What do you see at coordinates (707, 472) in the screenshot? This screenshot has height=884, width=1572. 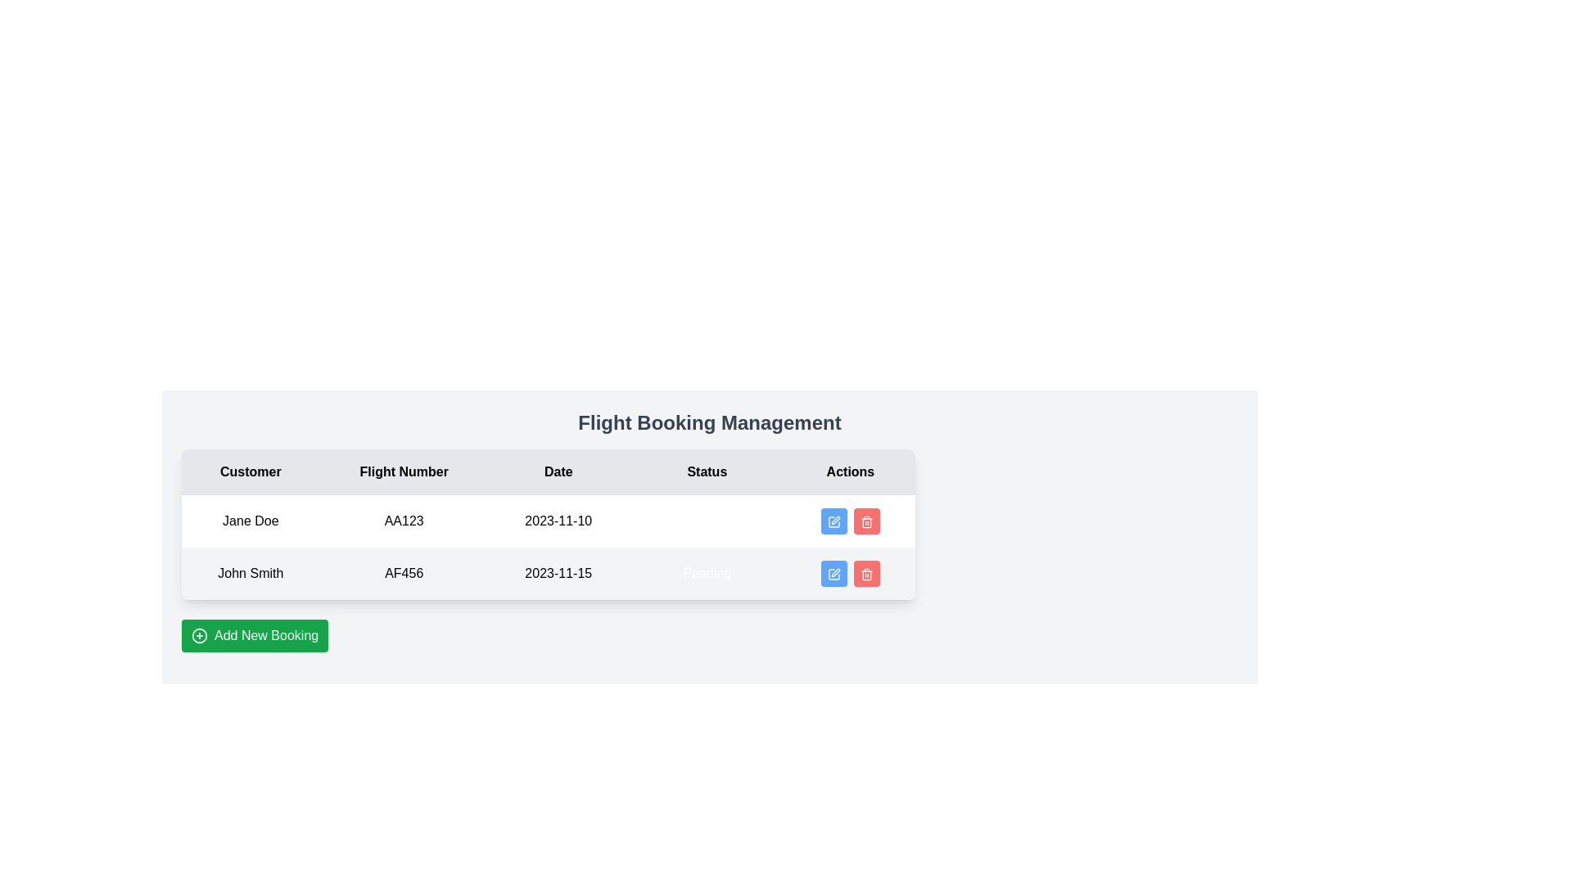 I see `the 'Status' text label, which is the fourth column header in the table, positioned between 'Date' and 'Actions'` at bounding box center [707, 472].